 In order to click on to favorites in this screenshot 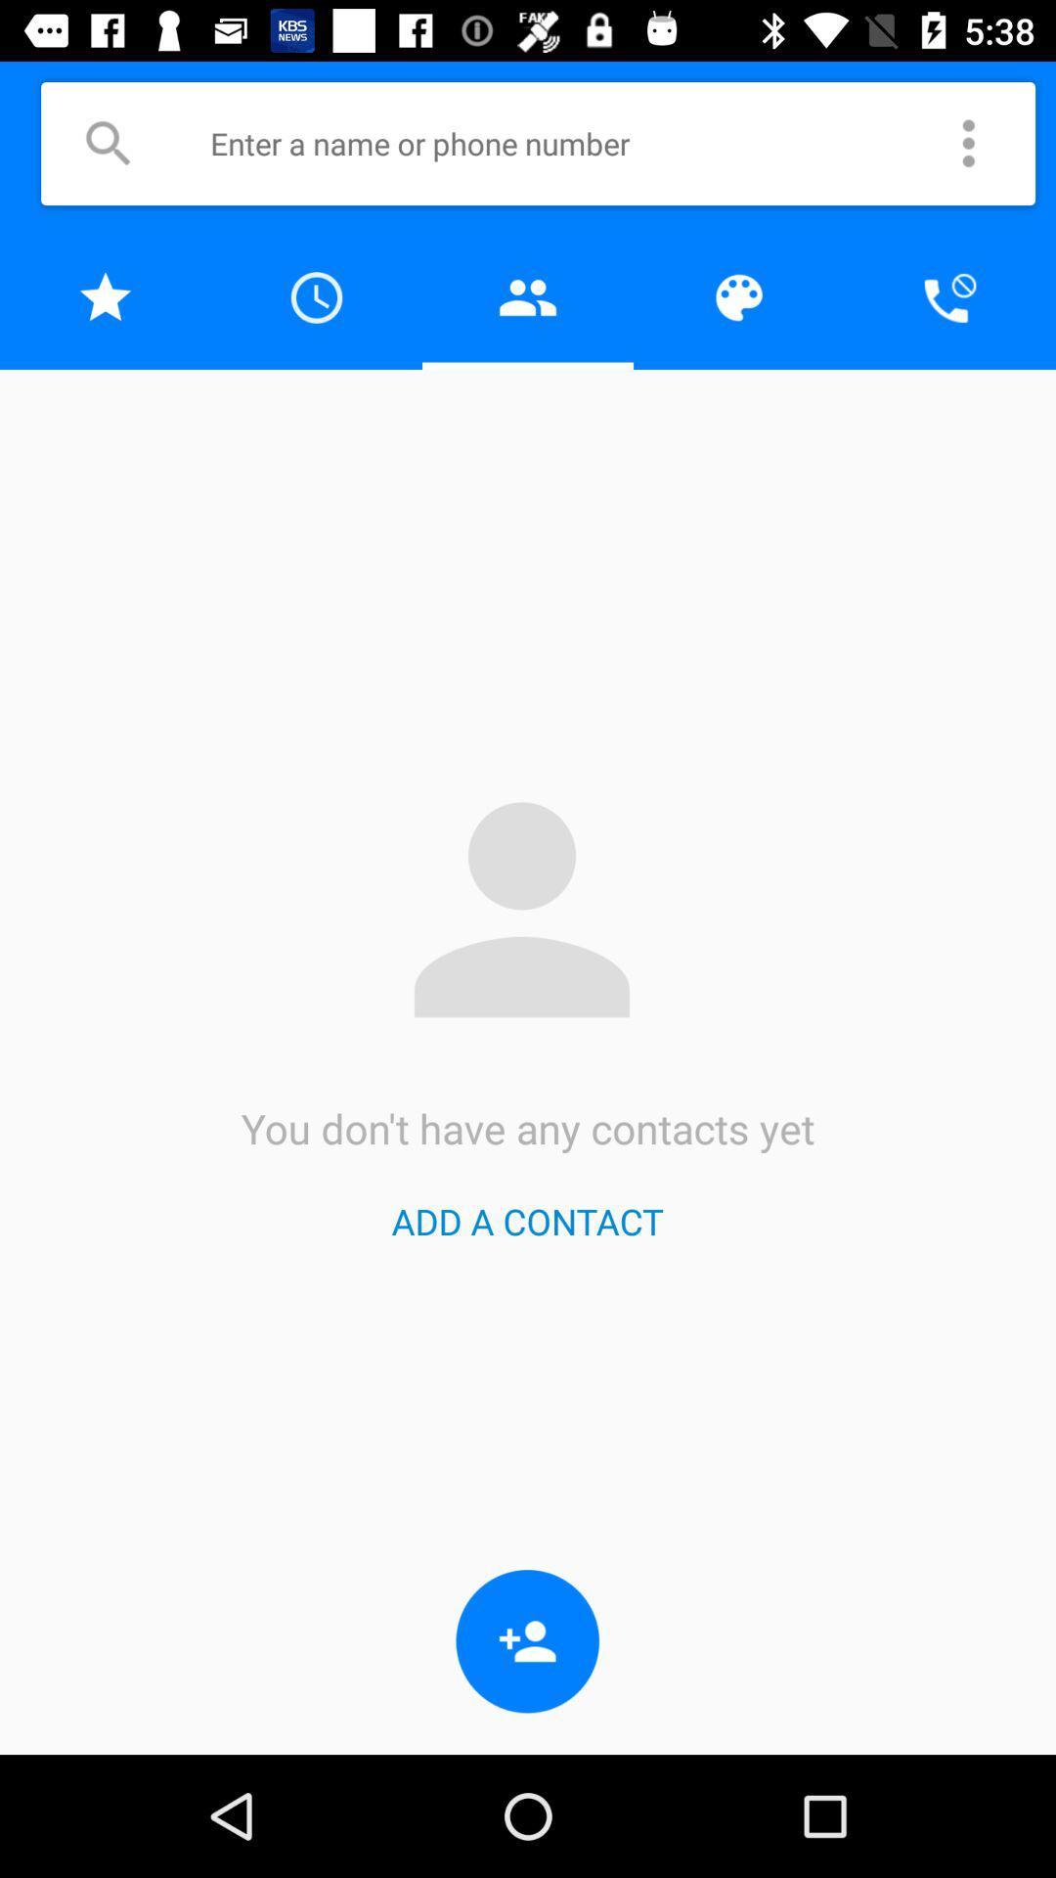, I will do `click(106, 296)`.